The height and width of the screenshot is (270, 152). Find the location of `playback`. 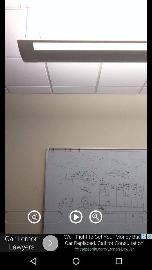

playback is located at coordinates (76, 217).